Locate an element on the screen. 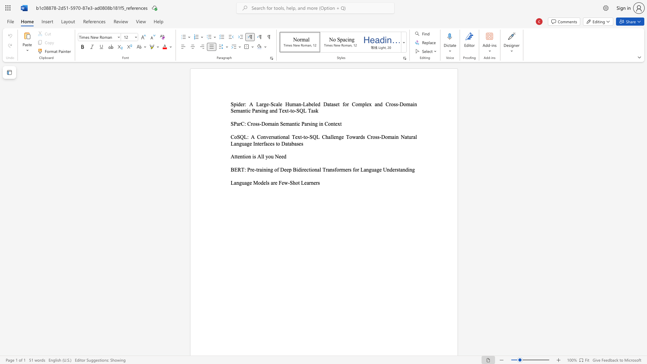 Image resolution: width=647 pixels, height=364 pixels. the 1th character "w" in the text is located at coordinates (286, 183).